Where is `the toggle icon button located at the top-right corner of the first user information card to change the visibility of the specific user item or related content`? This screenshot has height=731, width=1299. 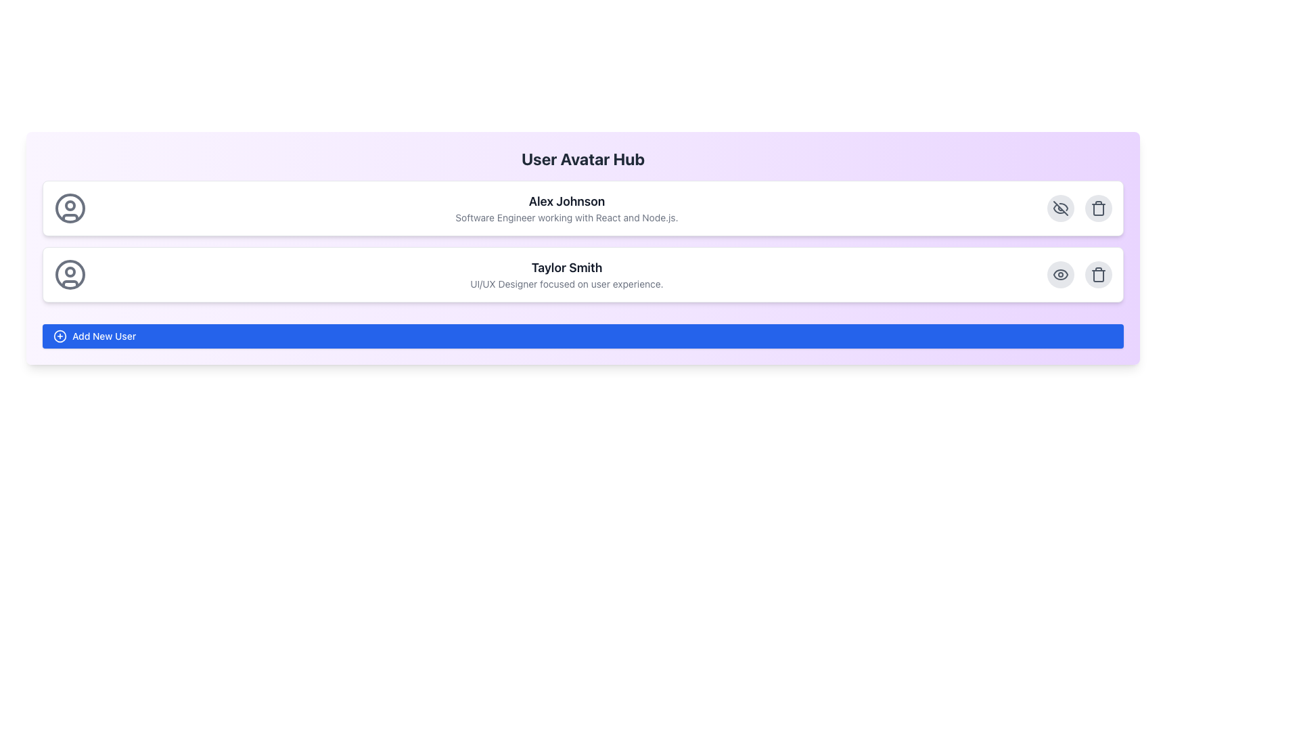 the toggle icon button located at the top-right corner of the first user information card to change the visibility of the specific user item or related content is located at coordinates (1060, 208).